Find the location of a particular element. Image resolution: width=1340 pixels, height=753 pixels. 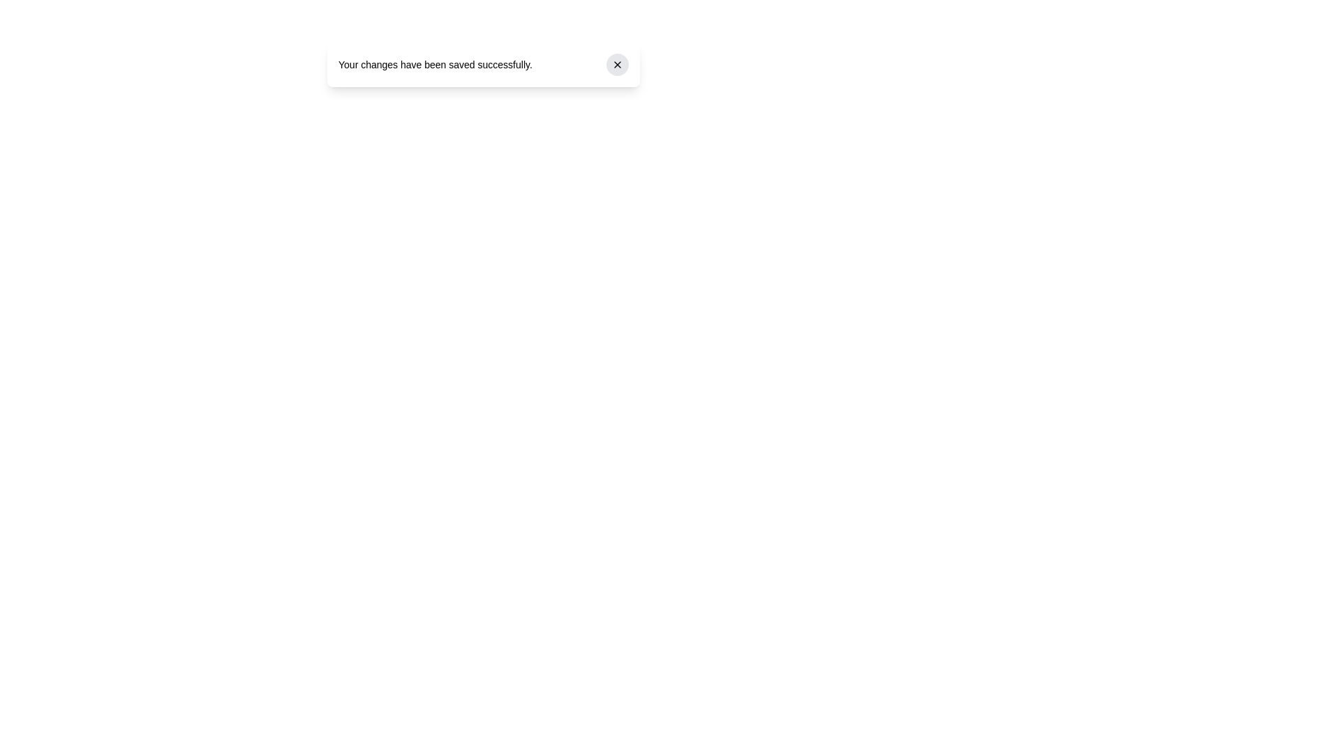

the rounded button located at the top-right area of the notification card is located at coordinates (616, 64).